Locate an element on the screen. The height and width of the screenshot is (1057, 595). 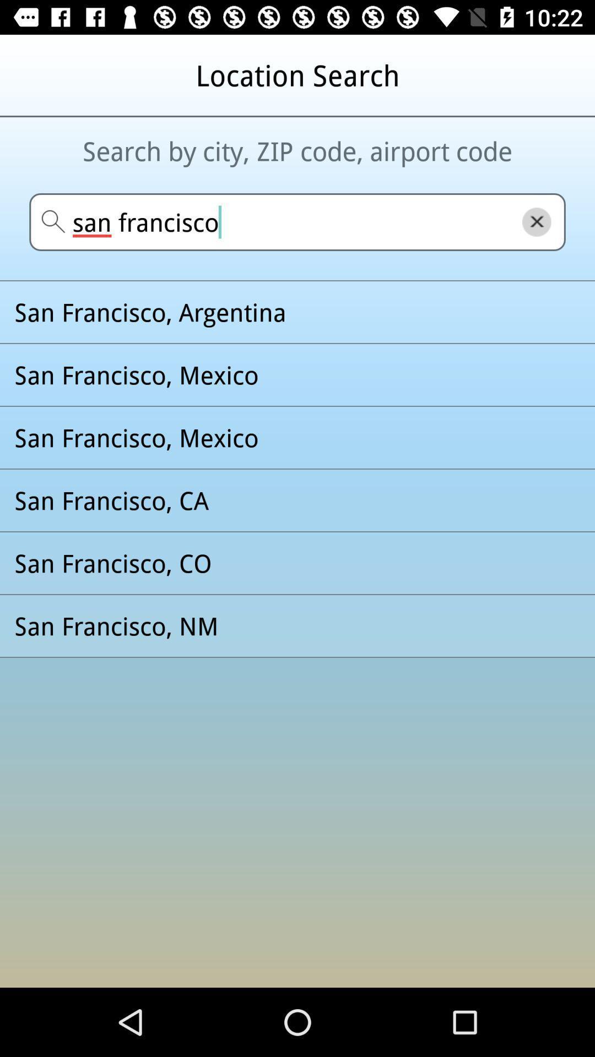
the close icon is located at coordinates (536, 221).